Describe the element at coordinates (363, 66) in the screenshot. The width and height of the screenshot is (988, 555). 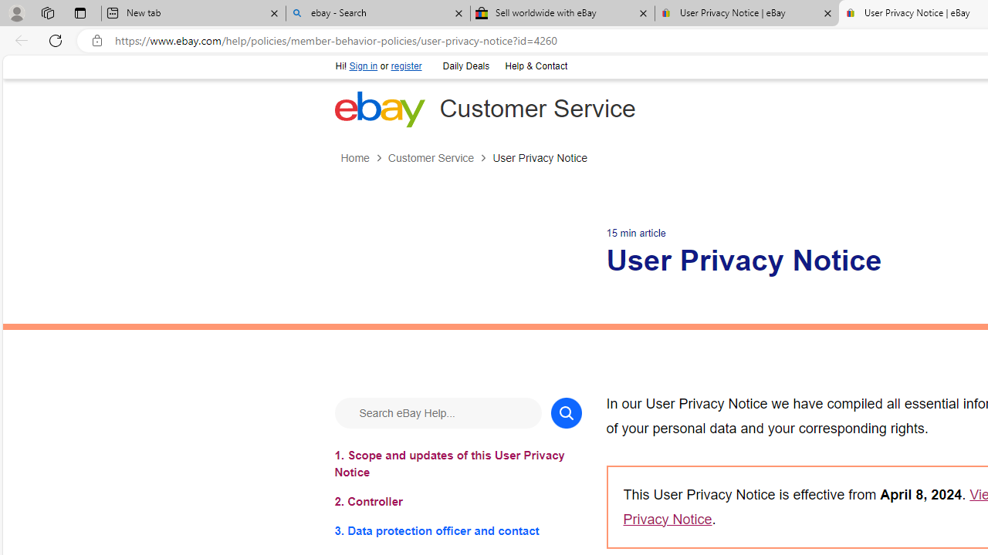
I see `'Sign in'` at that location.